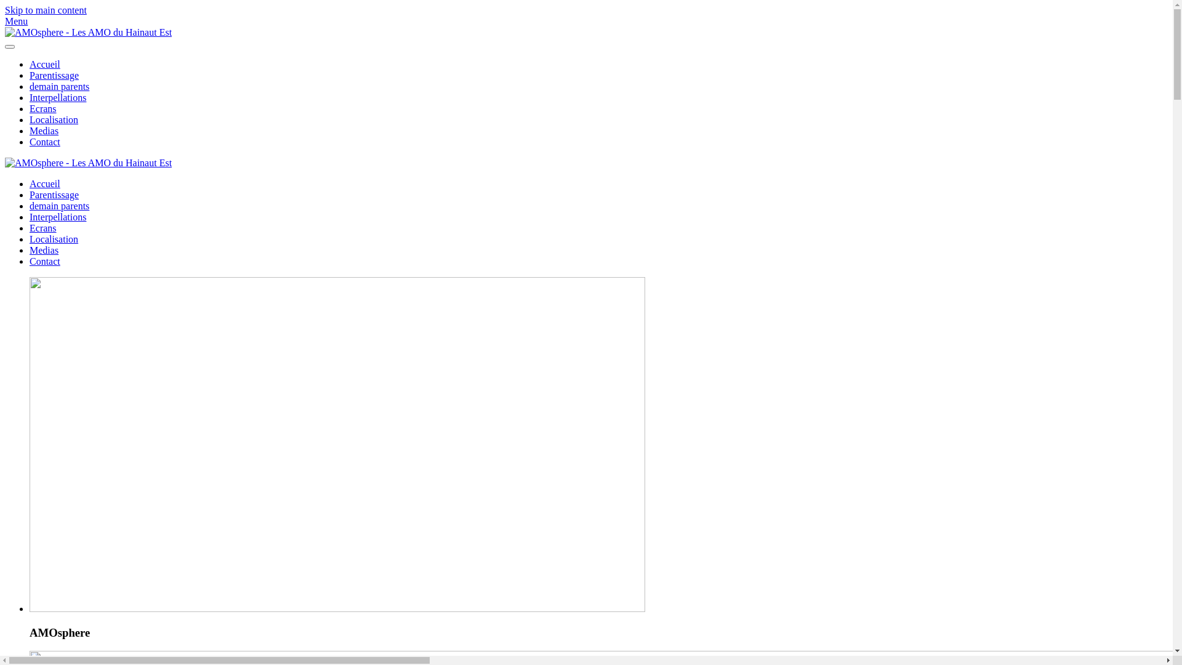  Describe the element at coordinates (53, 194) in the screenshot. I see `'Parentissage'` at that location.